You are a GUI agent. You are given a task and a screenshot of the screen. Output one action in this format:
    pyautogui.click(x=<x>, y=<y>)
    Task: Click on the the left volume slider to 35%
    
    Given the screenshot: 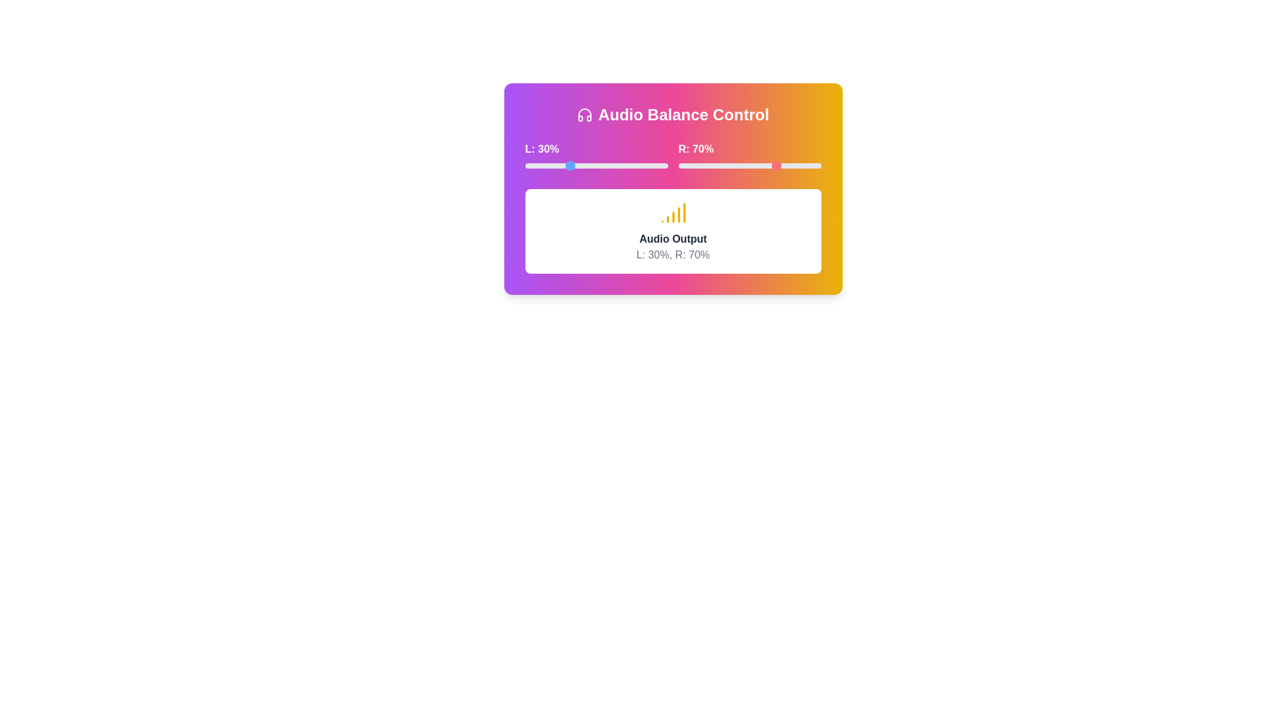 What is the action you would take?
    pyautogui.click(x=575, y=165)
    